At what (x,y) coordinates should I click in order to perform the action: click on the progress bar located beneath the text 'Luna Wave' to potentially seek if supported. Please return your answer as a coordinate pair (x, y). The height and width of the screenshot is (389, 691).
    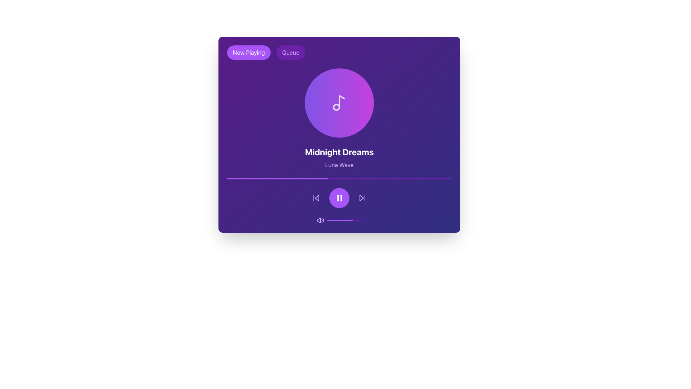
    Looking at the image, I should click on (339, 178).